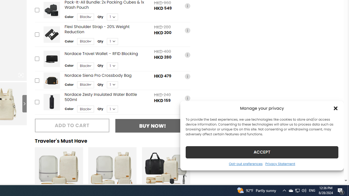 This screenshot has height=196, width=349. Describe the element at coordinates (245, 163) in the screenshot. I see `'Opt-out preferences'` at that location.